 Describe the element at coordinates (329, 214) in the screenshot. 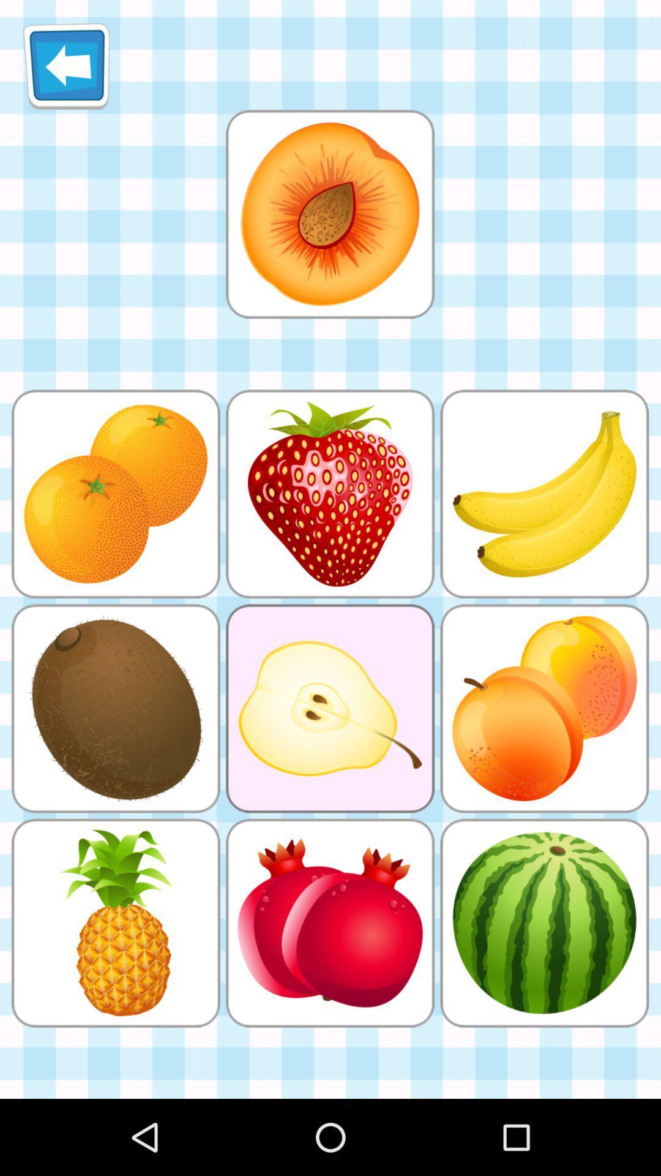

I see `display the image to find` at that location.